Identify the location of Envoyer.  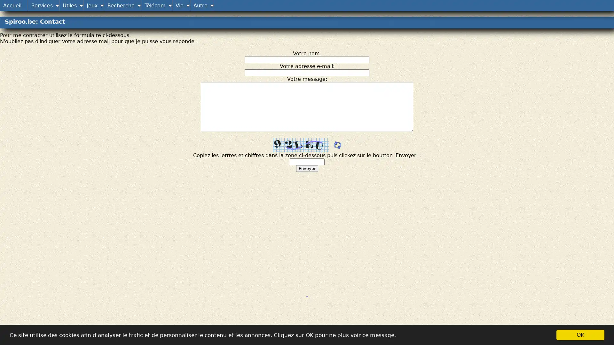
(306, 168).